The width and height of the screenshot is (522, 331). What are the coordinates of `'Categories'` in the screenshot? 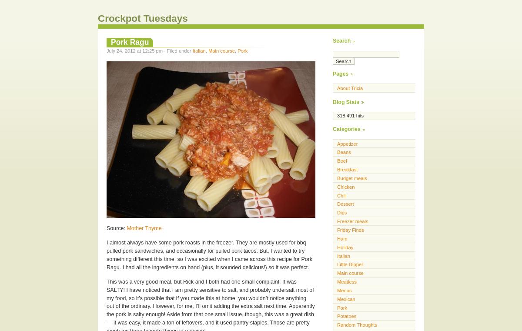 It's located at (346, 129).